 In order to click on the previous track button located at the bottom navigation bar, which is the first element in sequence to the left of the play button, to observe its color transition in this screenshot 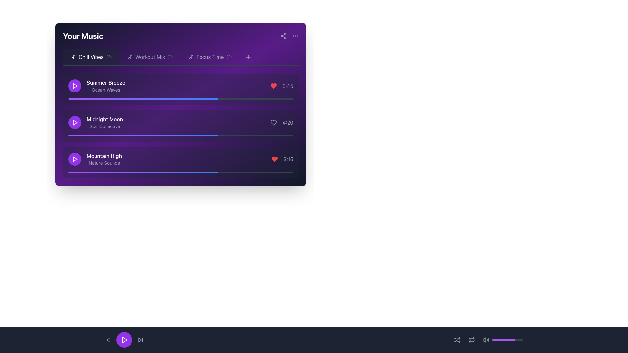, I will do `click(108, 340)`.